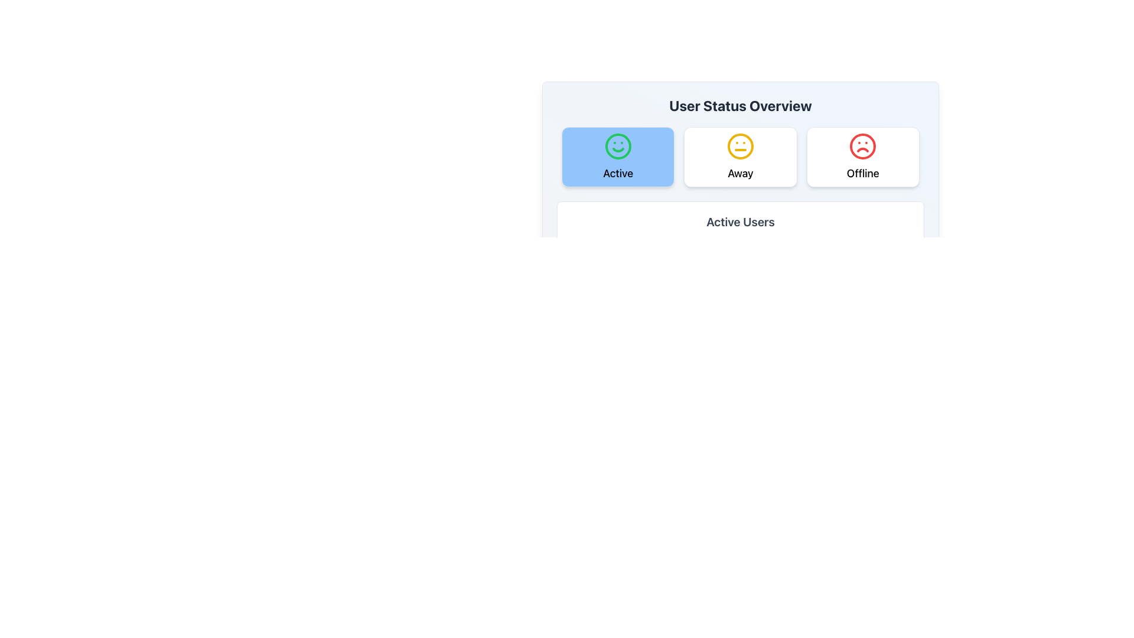  I want to click on the 'Away' status icon located in the middle of the user status options, between the 'Active' and 'Offline' icons, so click(739, 145).